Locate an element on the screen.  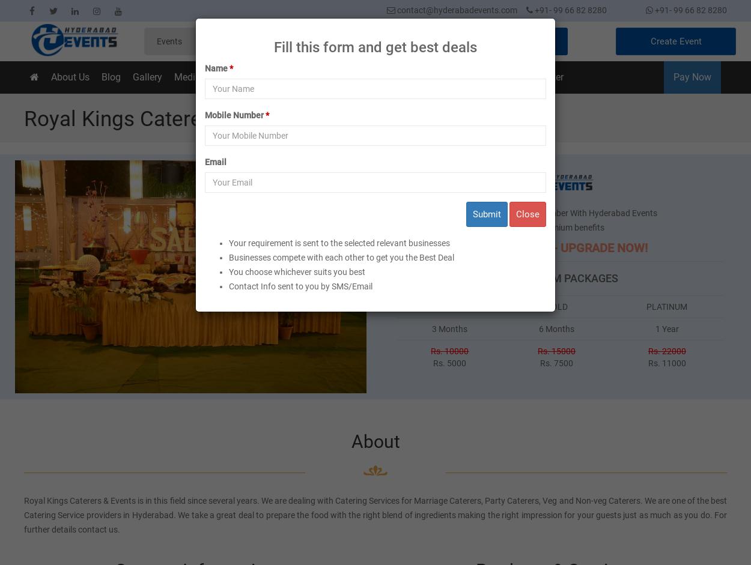
'Rs. 10000' is located at coordinates (430, 349).